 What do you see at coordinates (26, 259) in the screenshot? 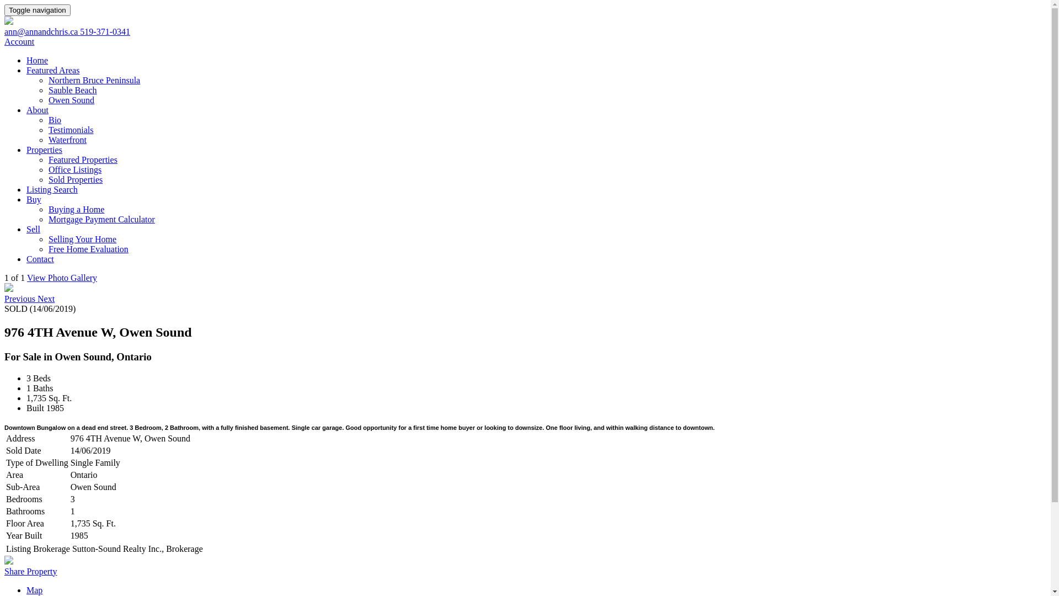
I see `'Contact'` at bounding box center [26, 259].